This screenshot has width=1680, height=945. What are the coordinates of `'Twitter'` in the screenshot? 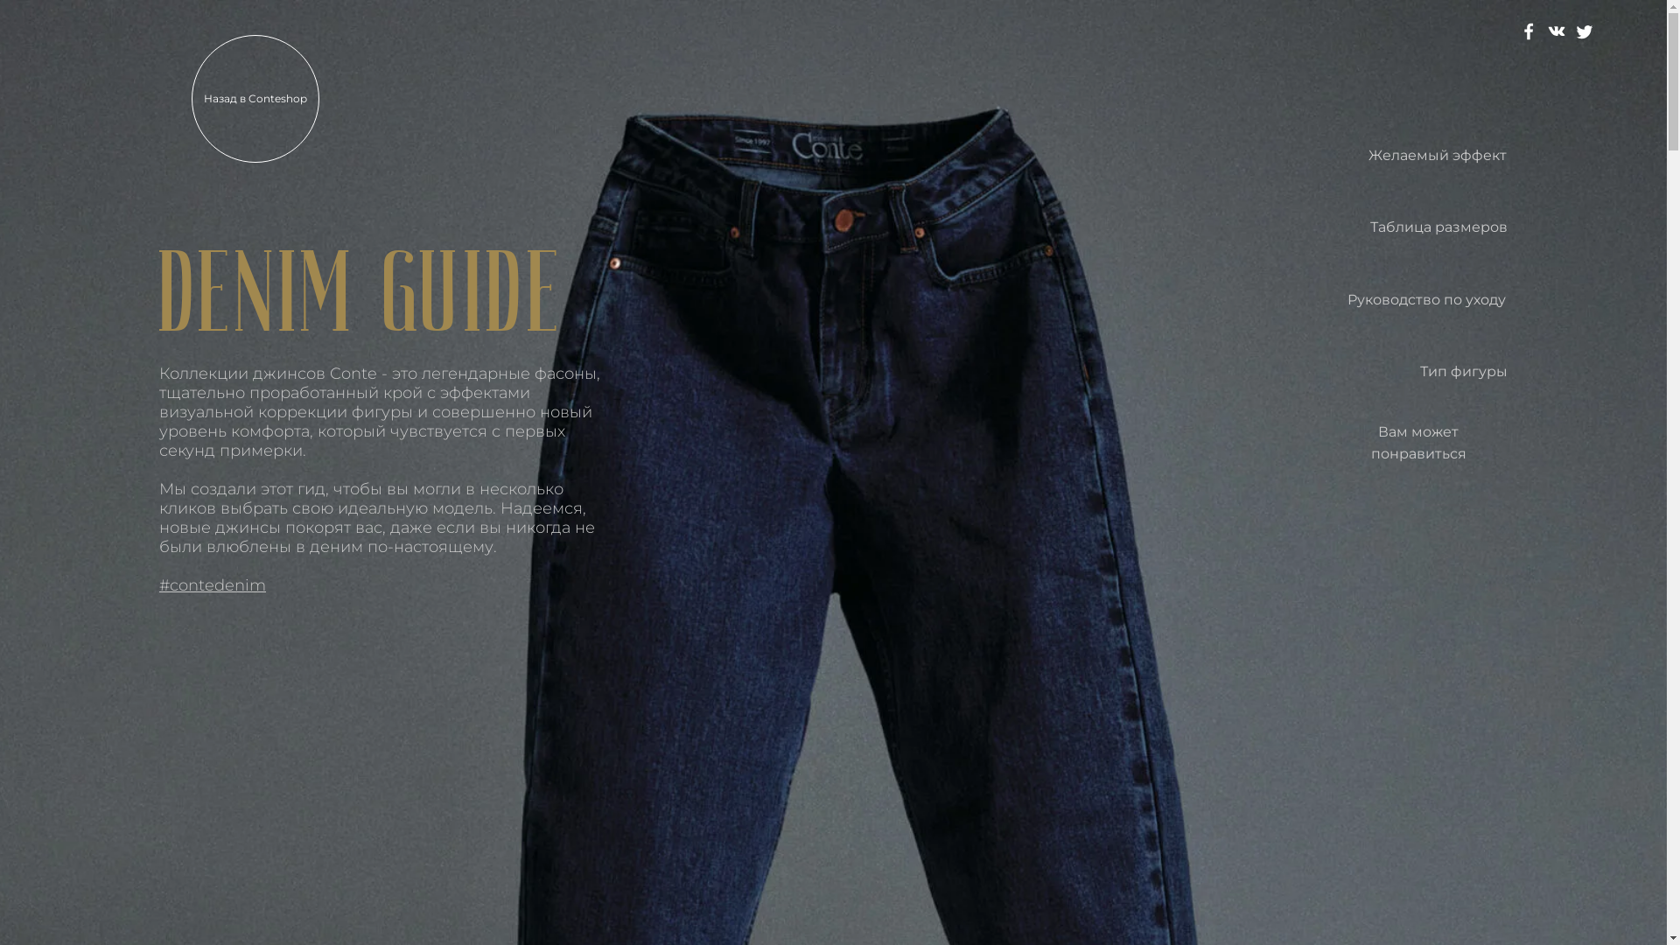 It's located at (1584, 31).